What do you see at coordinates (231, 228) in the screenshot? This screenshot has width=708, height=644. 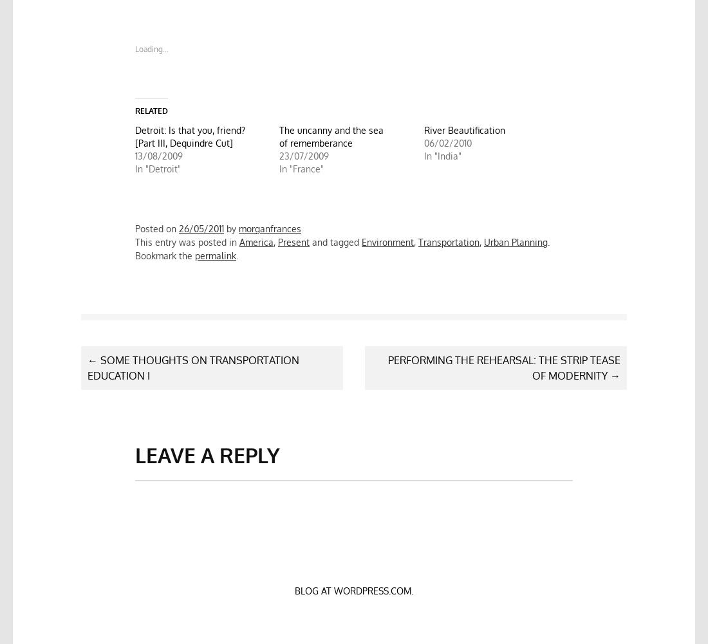 I see `'by'` at bounding box center [231, 228].